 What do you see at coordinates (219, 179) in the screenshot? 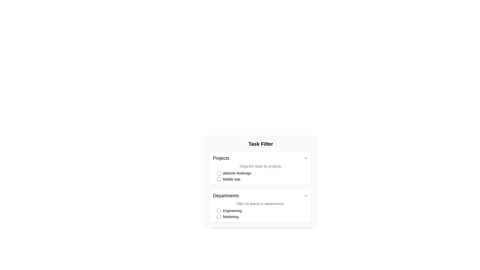
I see `keyboard navigation` at bounding box center [219, 179].